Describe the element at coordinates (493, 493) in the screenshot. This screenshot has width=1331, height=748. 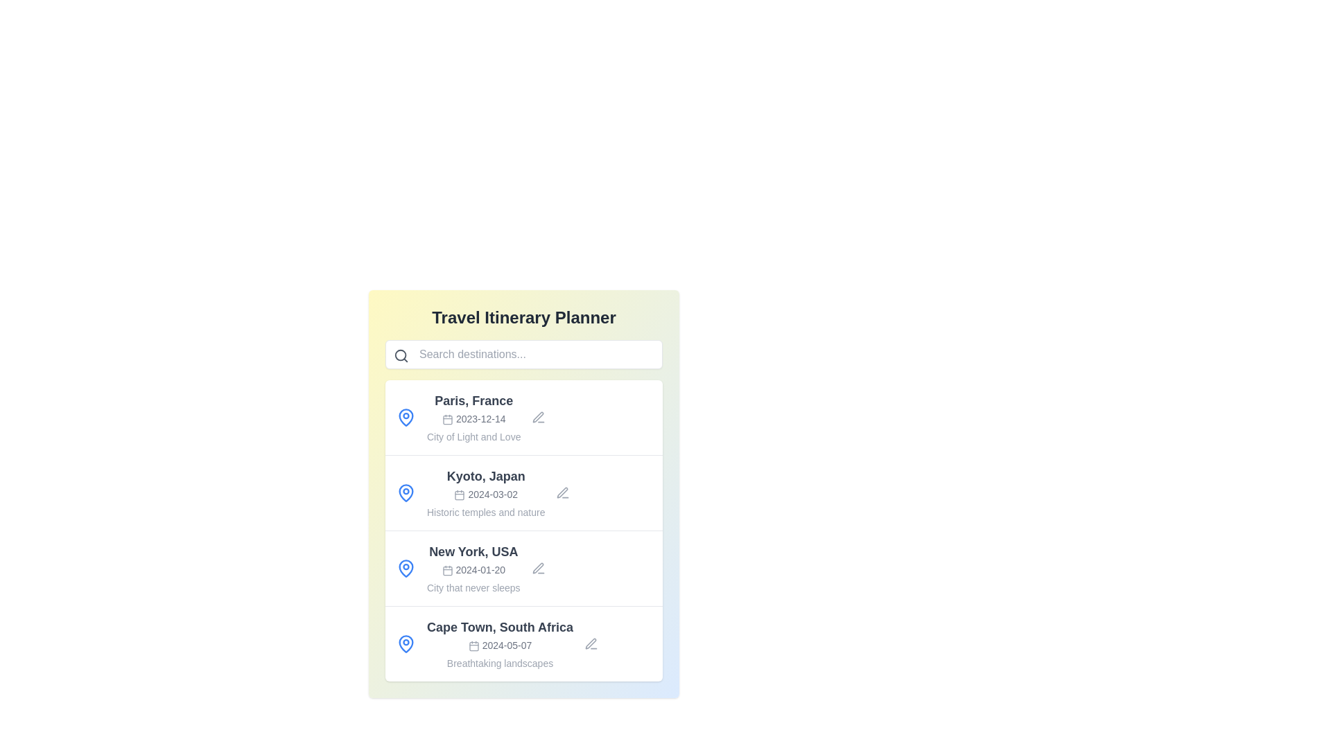
I see `the text label indicating the date related to the Kyoto, Japan entry in the travel planner, which appears immediately after the calendar icon` at that location.